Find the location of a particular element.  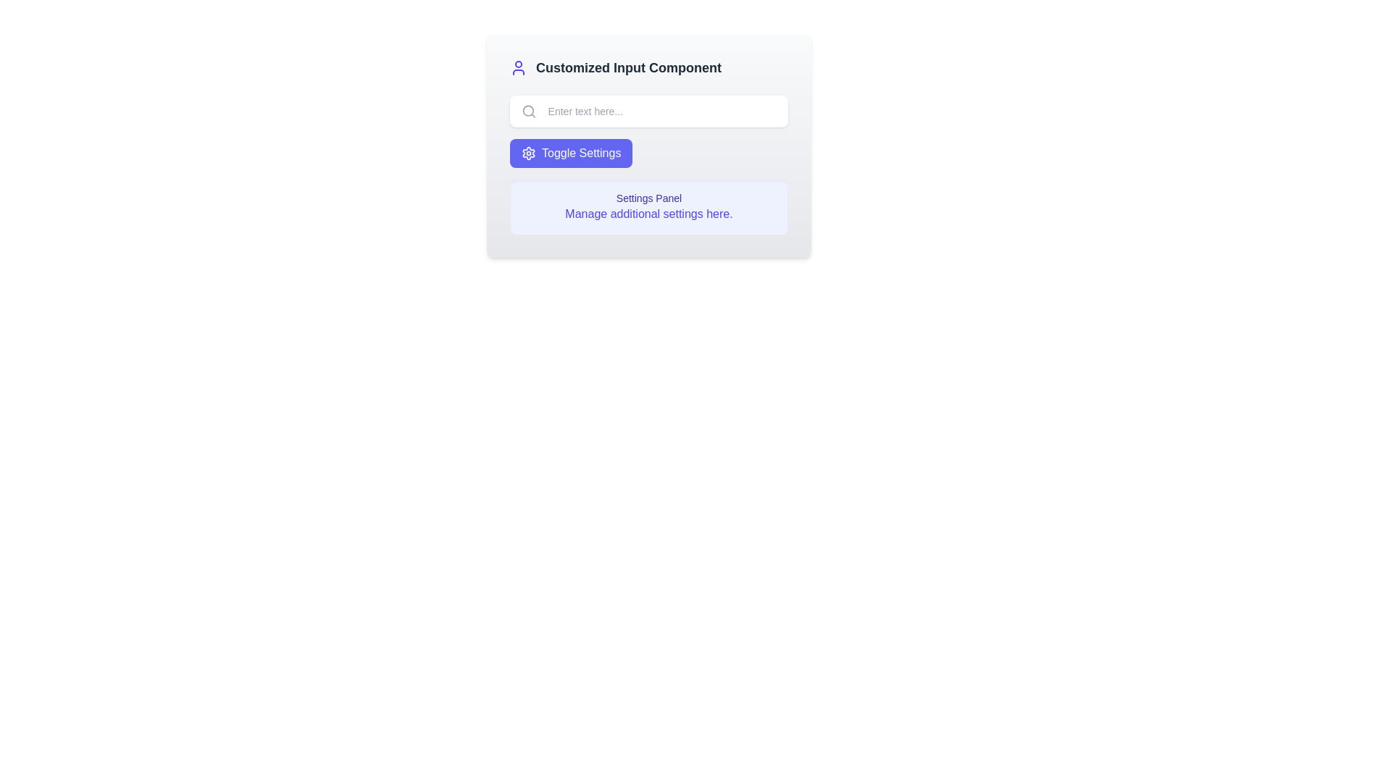

the second interactive button located below the search input field is located at coordinates (570, 154).